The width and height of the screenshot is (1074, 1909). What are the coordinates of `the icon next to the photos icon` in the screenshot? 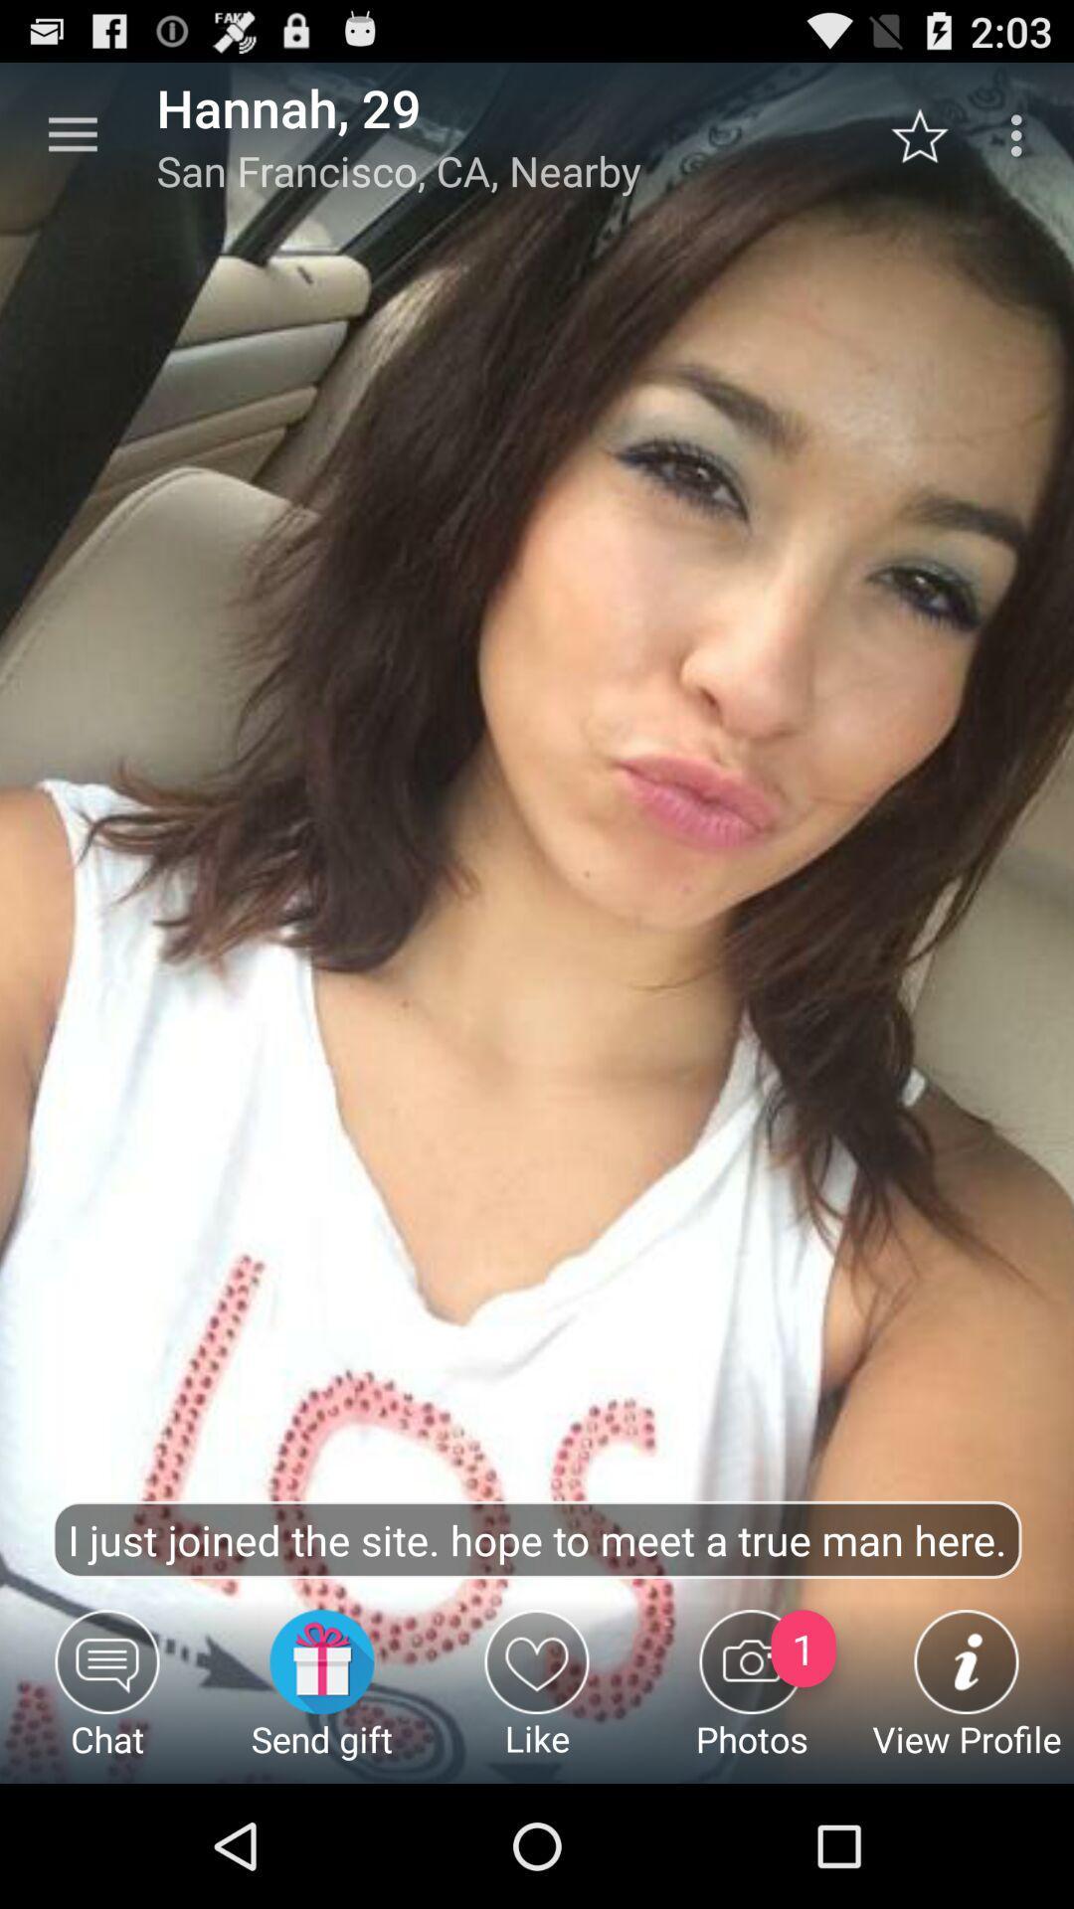 It's located at (537, 1695).